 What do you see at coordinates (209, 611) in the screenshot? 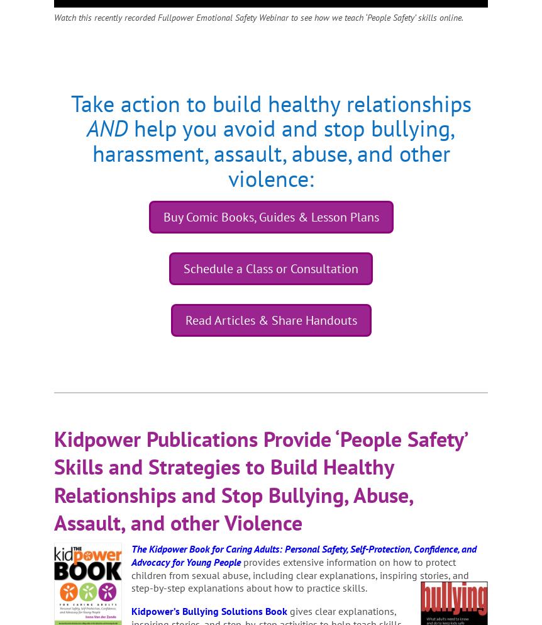
I see `'Kidpower’s Bullying Solutions Book'` at bounding box center [209, 611].